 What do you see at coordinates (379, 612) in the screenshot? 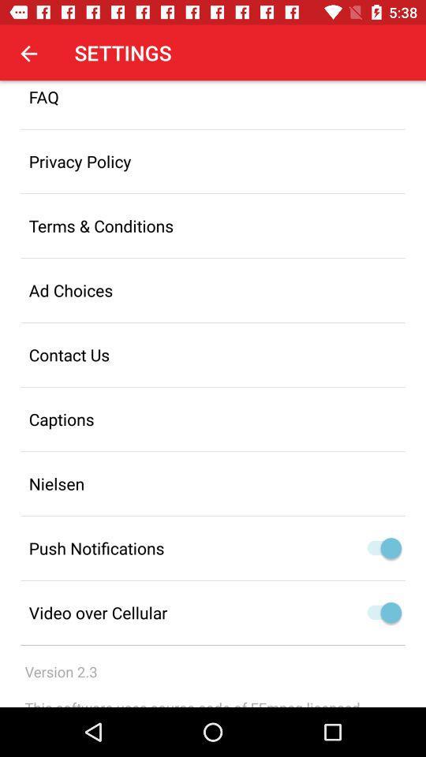
I see `switch off the video over cellular option` at bounding box center [379, 612].